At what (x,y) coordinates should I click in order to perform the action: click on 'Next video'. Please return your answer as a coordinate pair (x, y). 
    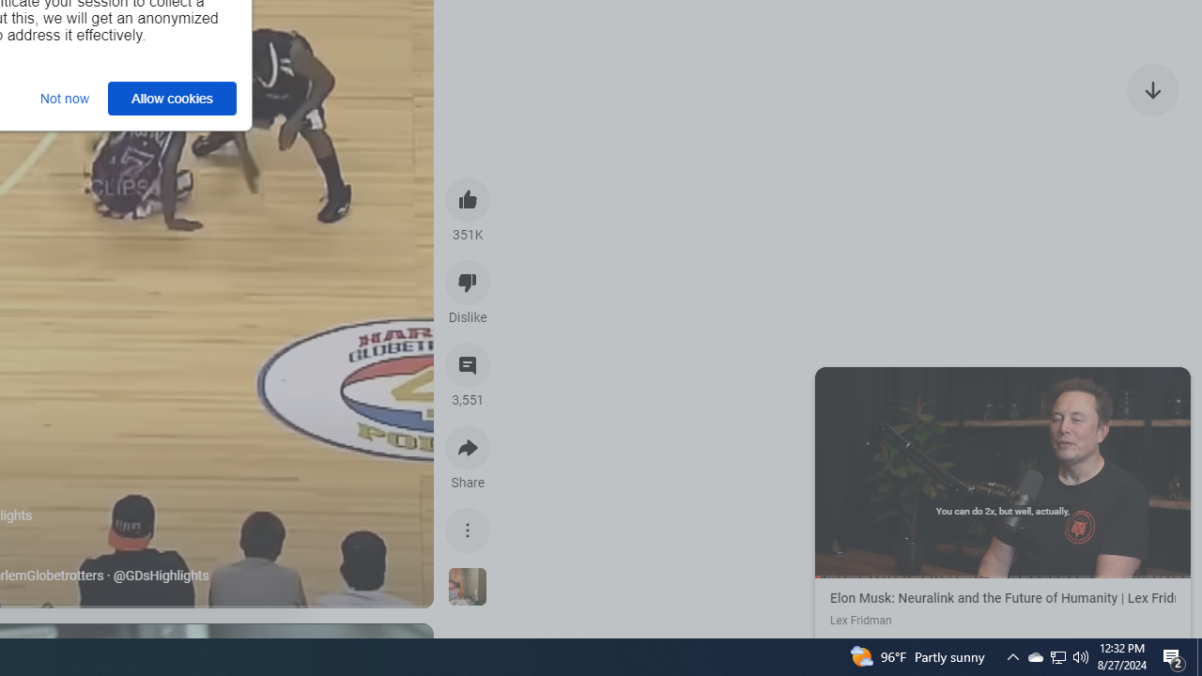
    Looking at the image, I should click on (1152, 89).